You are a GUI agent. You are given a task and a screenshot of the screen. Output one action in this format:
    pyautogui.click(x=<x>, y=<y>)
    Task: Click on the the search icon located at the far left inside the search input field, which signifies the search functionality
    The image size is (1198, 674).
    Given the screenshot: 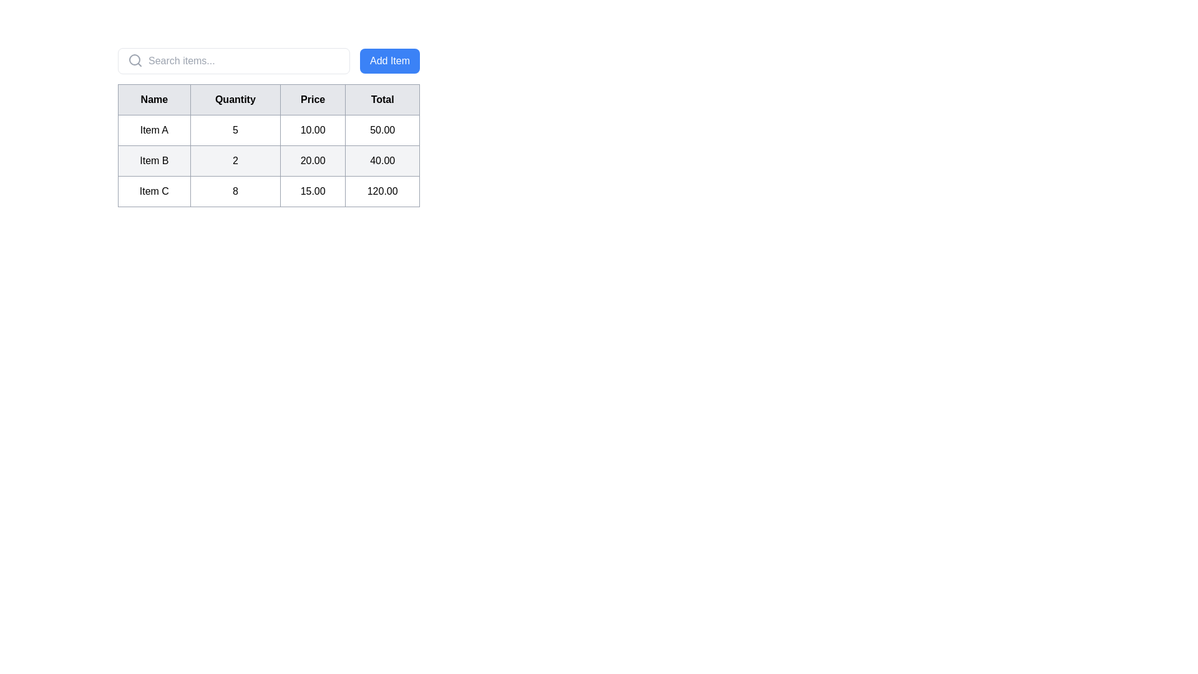 What is the action you would take?
    pyautogui.click(x=135, y=60)
    